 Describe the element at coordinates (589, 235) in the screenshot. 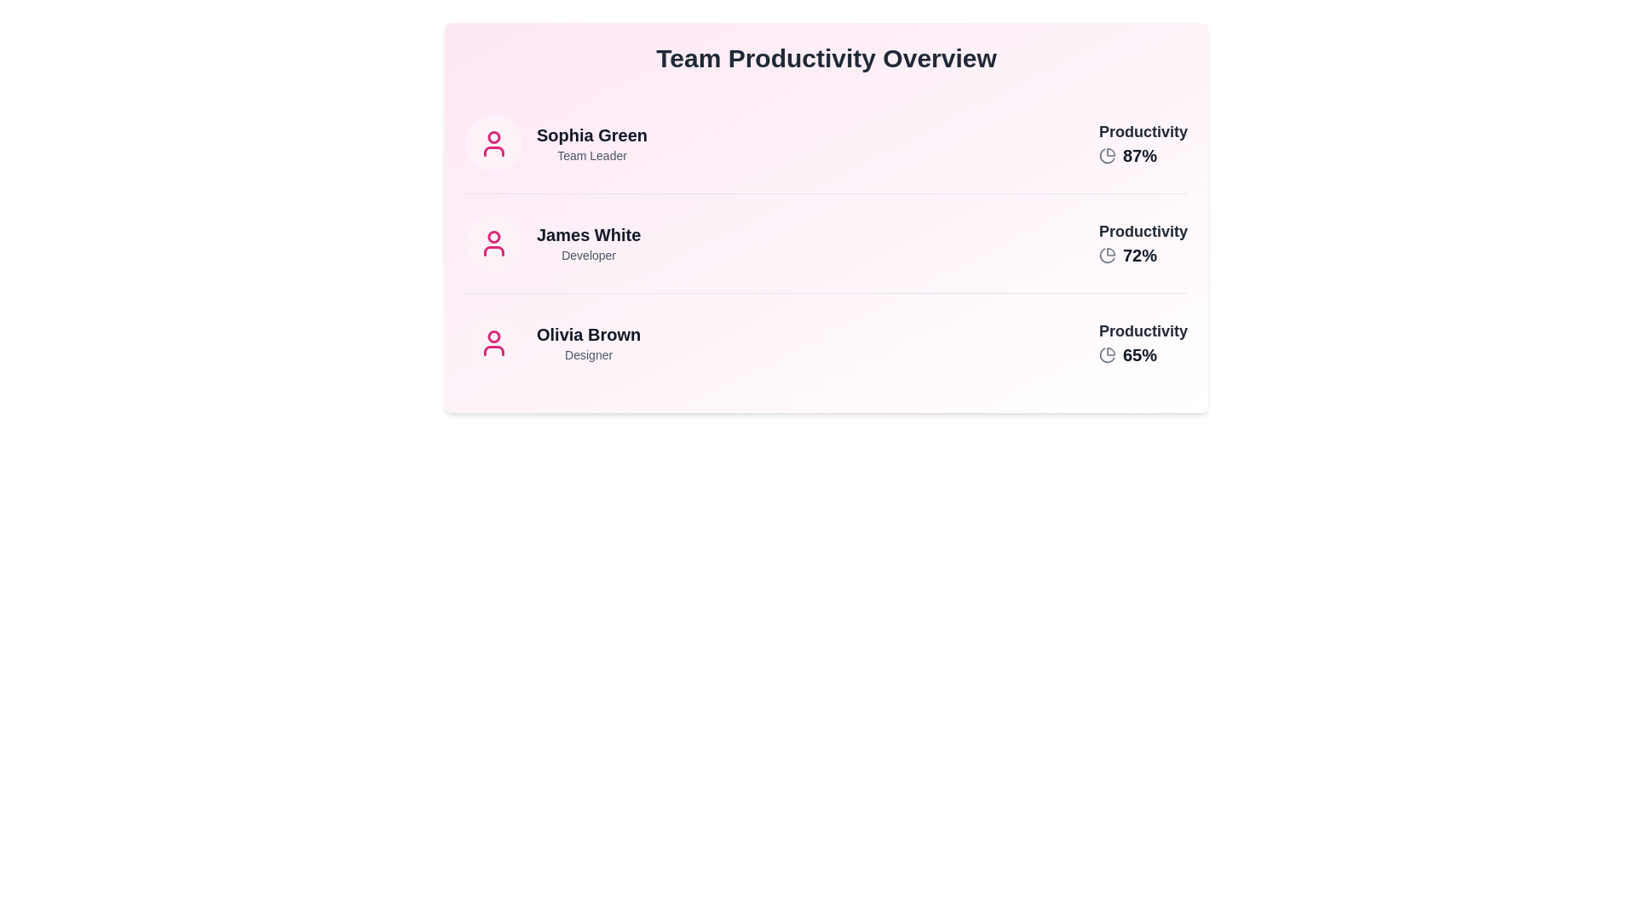

I see `the text element displaying the name of a team member in bold format, located in the second row of the team productivity overview card, above the text 'Developer'` at that location.